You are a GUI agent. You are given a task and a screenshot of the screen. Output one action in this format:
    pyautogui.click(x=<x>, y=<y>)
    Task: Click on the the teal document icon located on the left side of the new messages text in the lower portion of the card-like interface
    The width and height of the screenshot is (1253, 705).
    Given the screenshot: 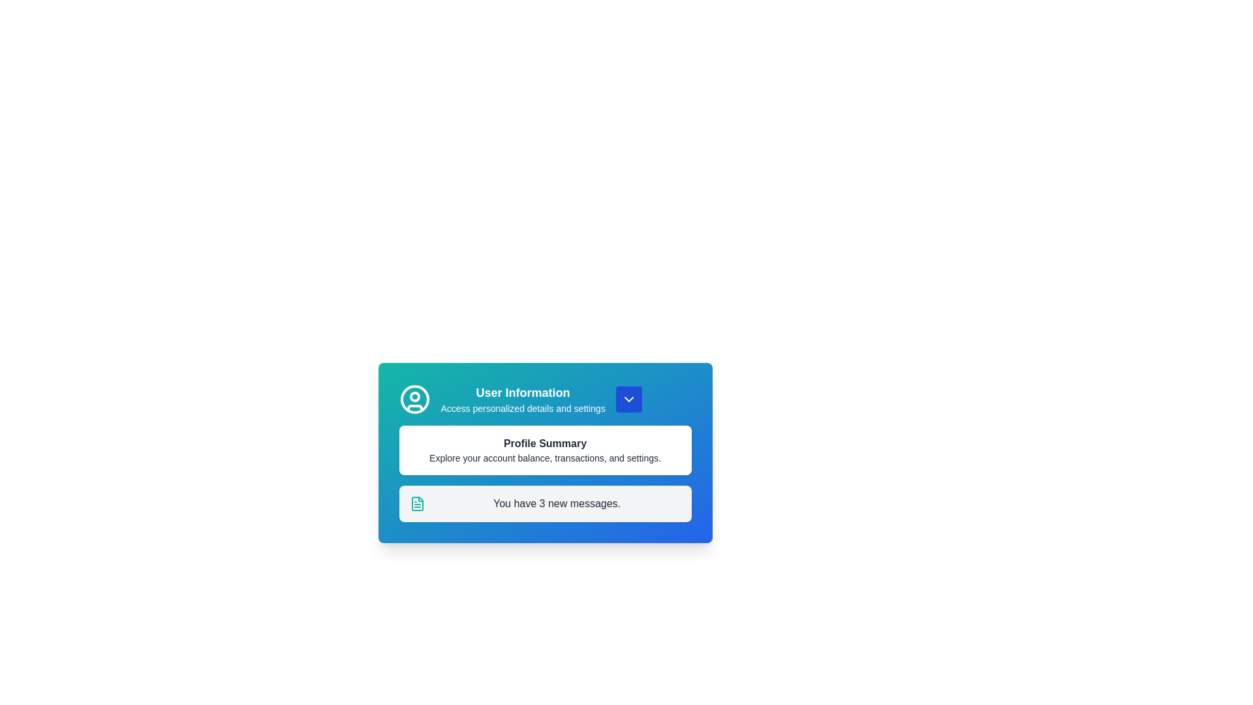 What is the action you would take?
    pyautogui.click(x=416, y=503)
    